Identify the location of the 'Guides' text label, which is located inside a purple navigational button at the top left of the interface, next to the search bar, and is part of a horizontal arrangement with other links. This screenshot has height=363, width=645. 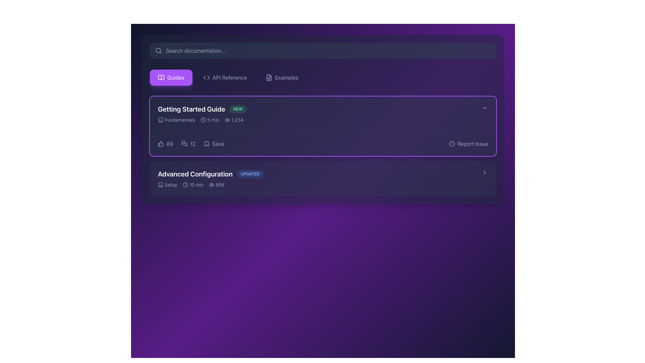
(176, 77).